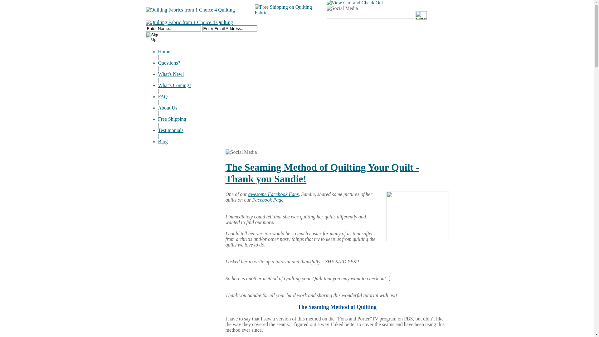  Describe the element at coordinates (171, 130) in the screenshot. I see `'Testimonials'` at that location.